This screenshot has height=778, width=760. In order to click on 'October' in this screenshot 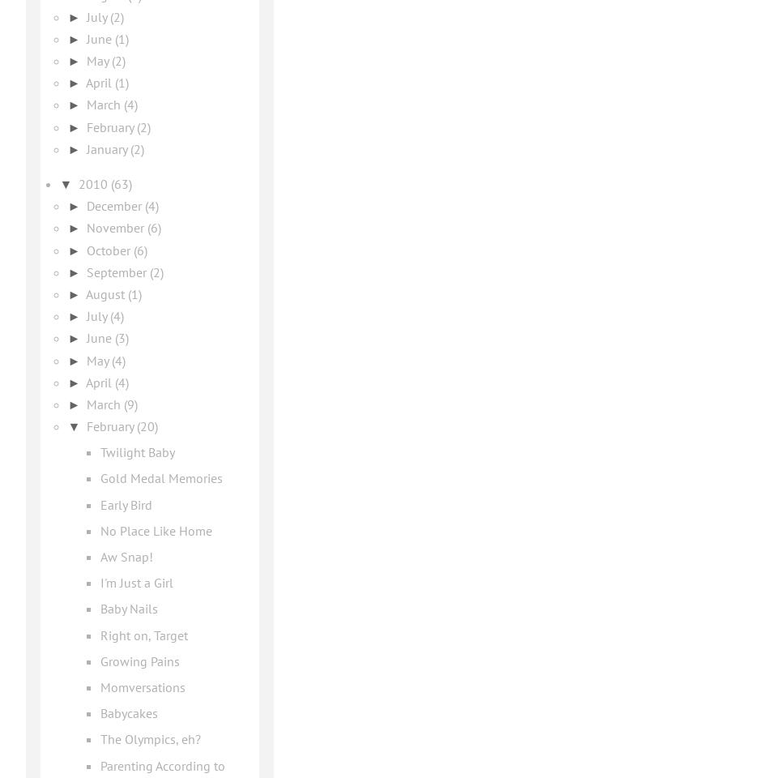, I will do `click(110, 249)`.